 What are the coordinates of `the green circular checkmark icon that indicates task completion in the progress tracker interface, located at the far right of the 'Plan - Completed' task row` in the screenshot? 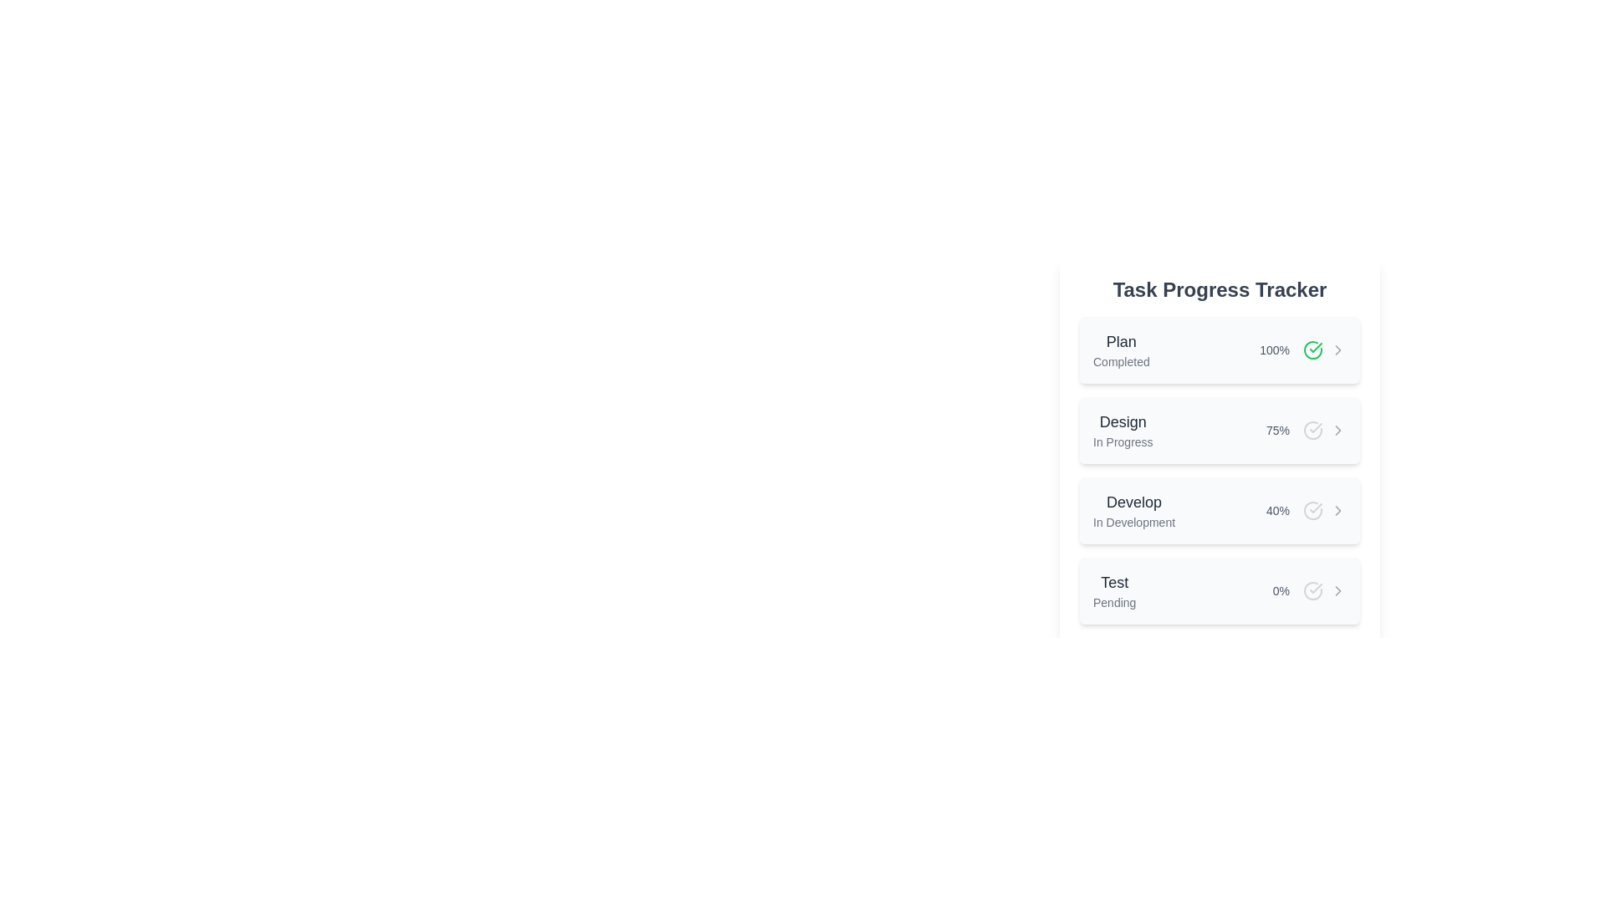 It's located at (1315, 347).